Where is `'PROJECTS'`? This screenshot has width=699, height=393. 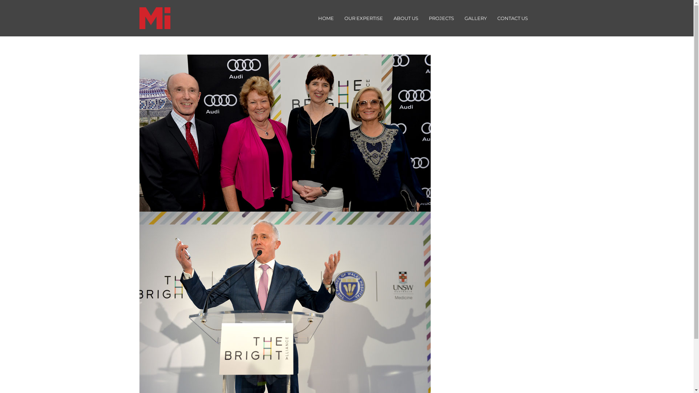
'PROJECTS' is located at coordinates (441, 18).